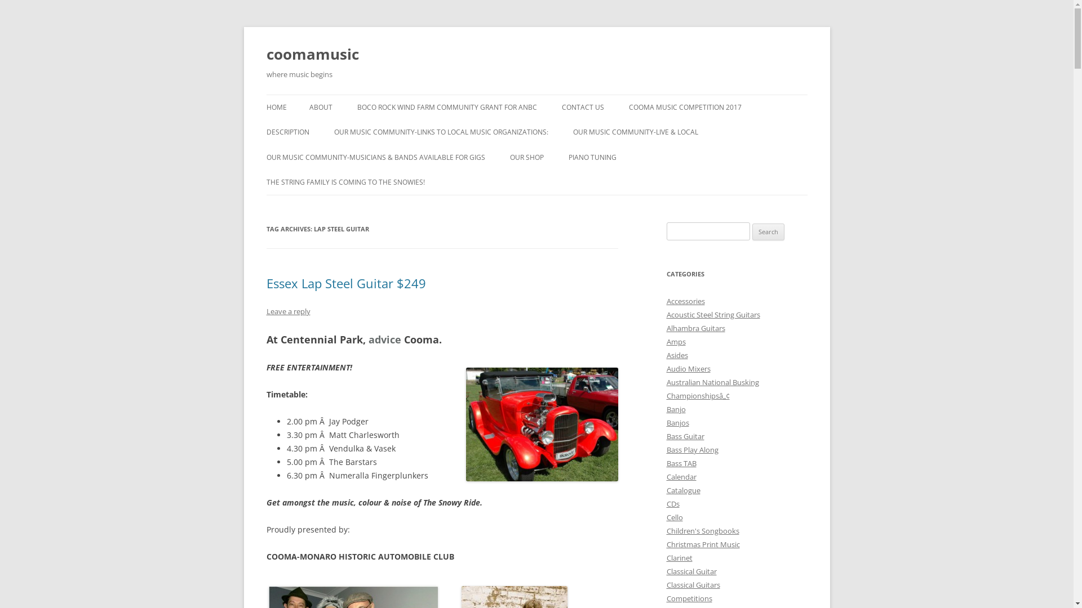 The image size is (1082, 608). I want to click on 'Cello', so click(674, 517).